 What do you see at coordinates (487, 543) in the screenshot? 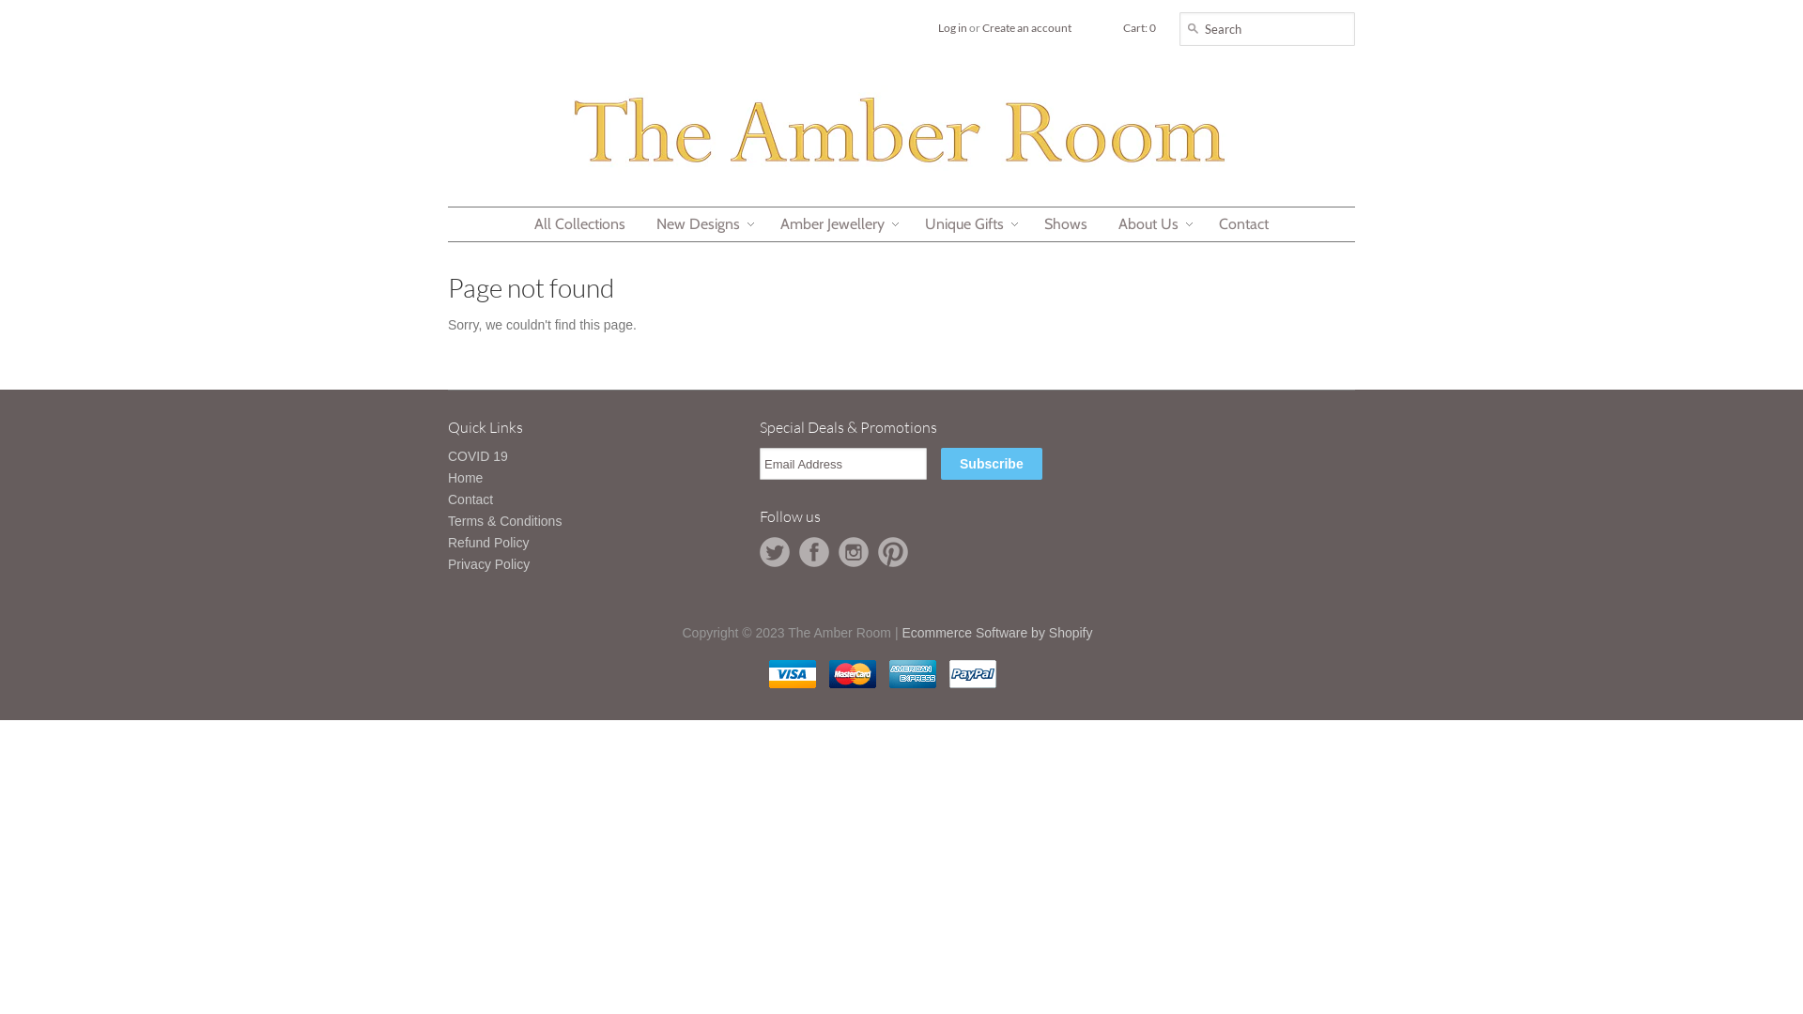
I see `'Refund Policy'` at bounding box center [487, 543].